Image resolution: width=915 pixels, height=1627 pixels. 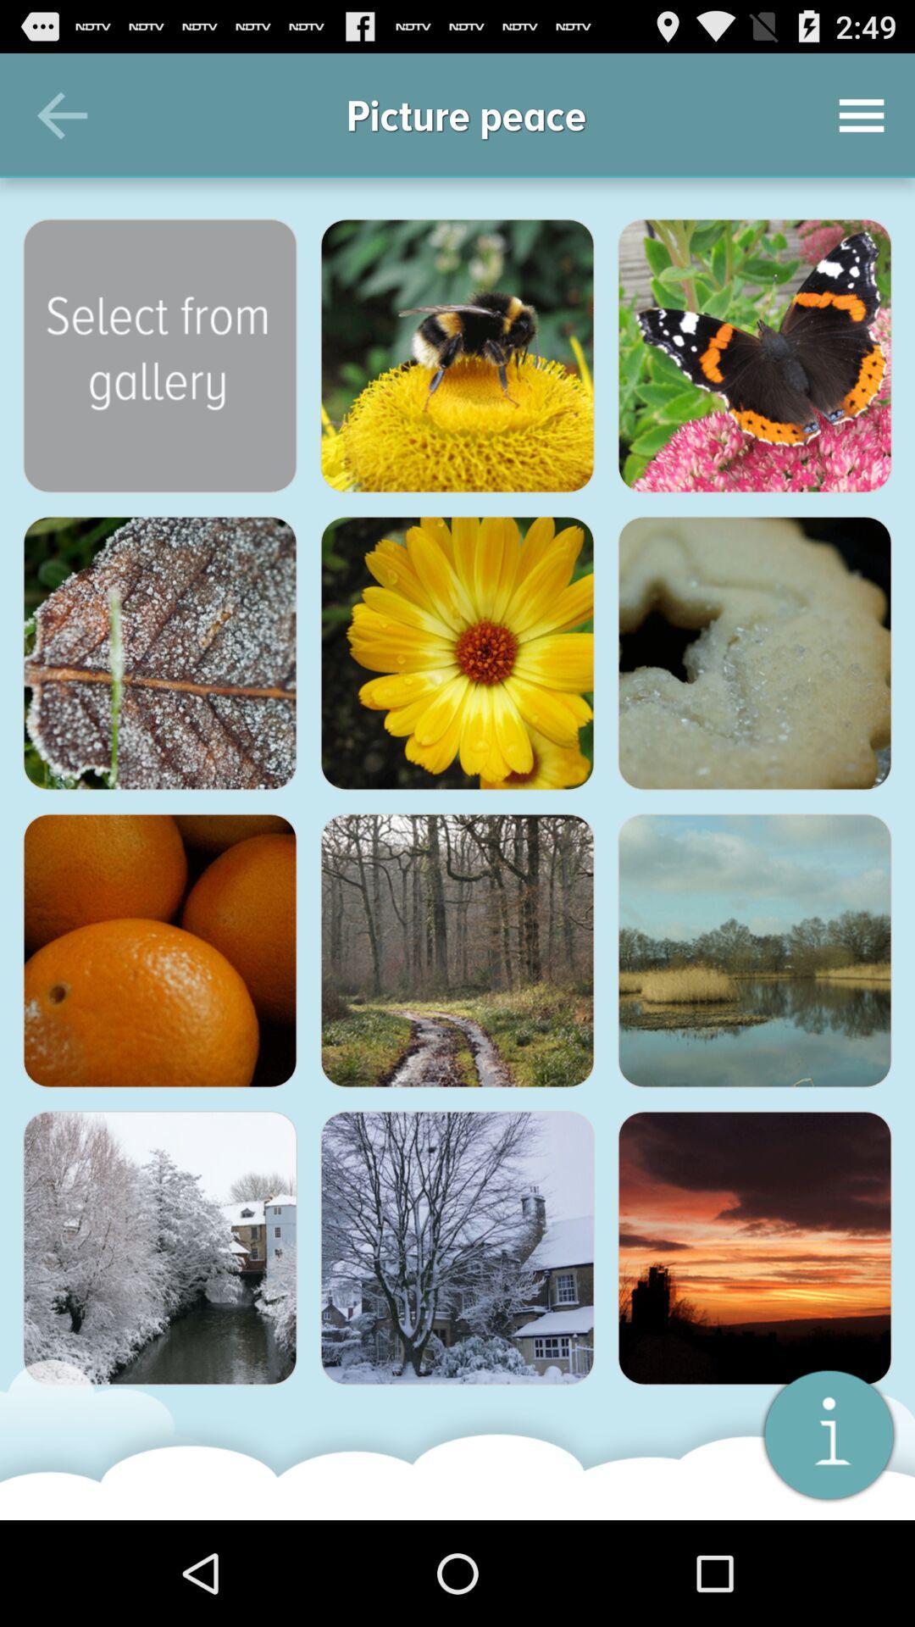 I want to click on this image, so click(x=754, y=951).